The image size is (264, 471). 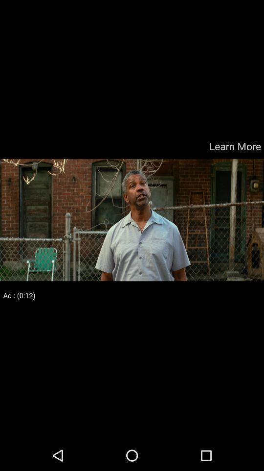 I want to click on color print, so click(x=132, y=220).